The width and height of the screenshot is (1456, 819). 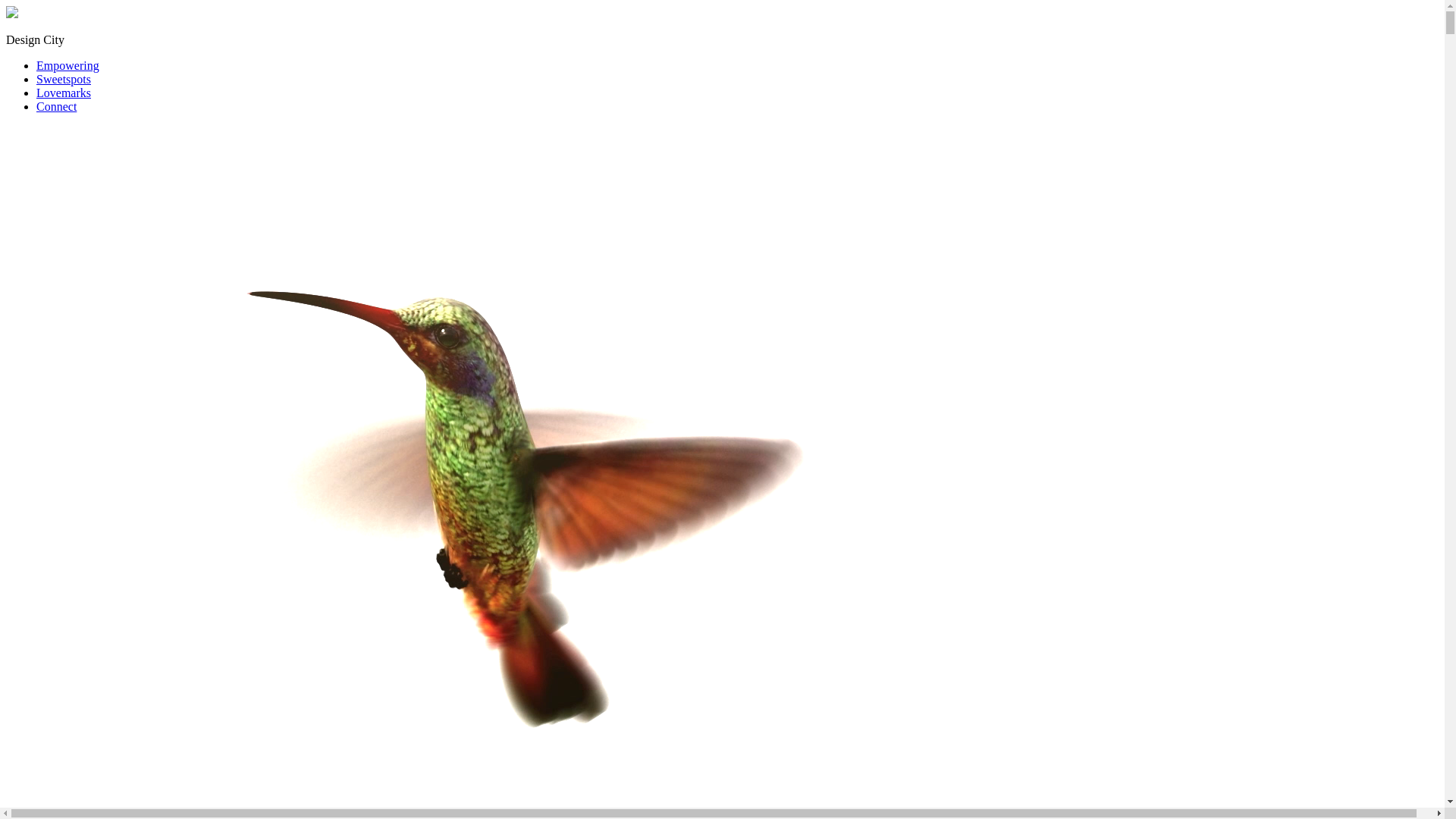 I want to click on 'Sweetspots', so click(x=62, y=79).